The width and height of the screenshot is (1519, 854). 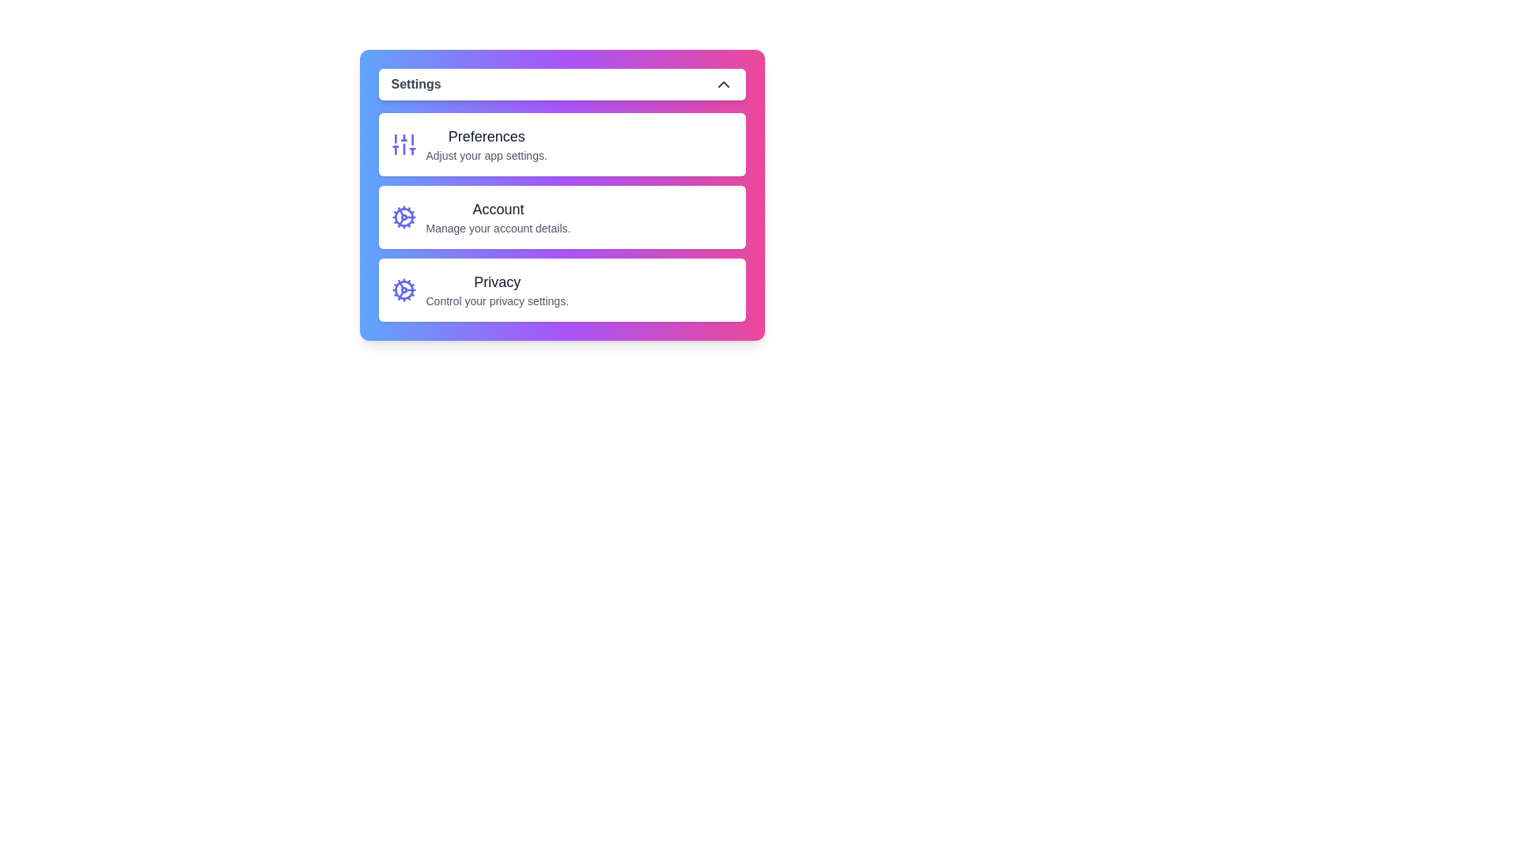 I want to click on the icon associated with the Preferences option, so click(x=403, y=144).